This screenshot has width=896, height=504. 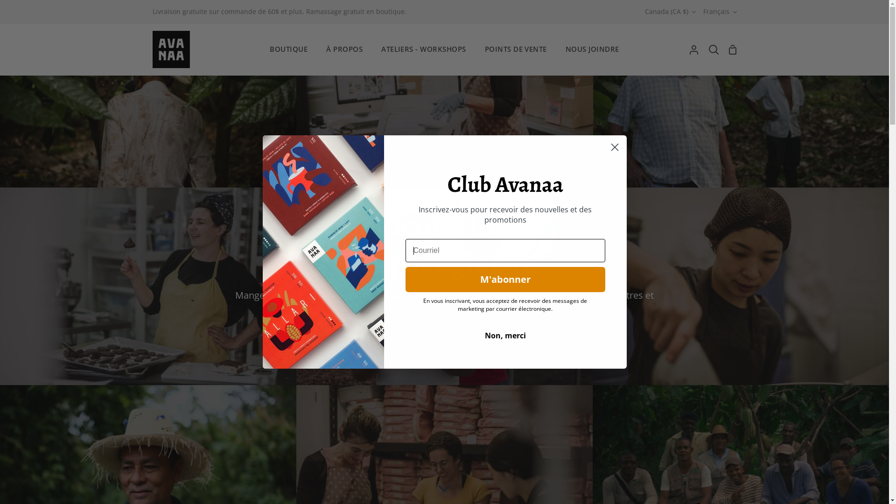 What do you see at coordinates (405, 279) in the screenshot?
I see `'M'abonner'` at bounding box center [405, 279].